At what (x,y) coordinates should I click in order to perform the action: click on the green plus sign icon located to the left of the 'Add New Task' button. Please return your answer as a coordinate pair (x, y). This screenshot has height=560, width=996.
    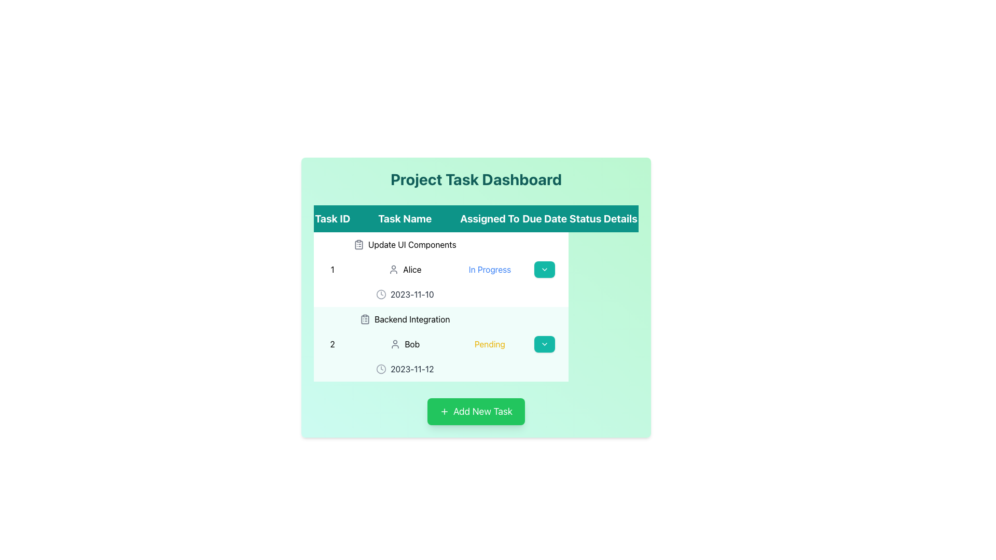
    Looking at the image, I should click on (444, 411).